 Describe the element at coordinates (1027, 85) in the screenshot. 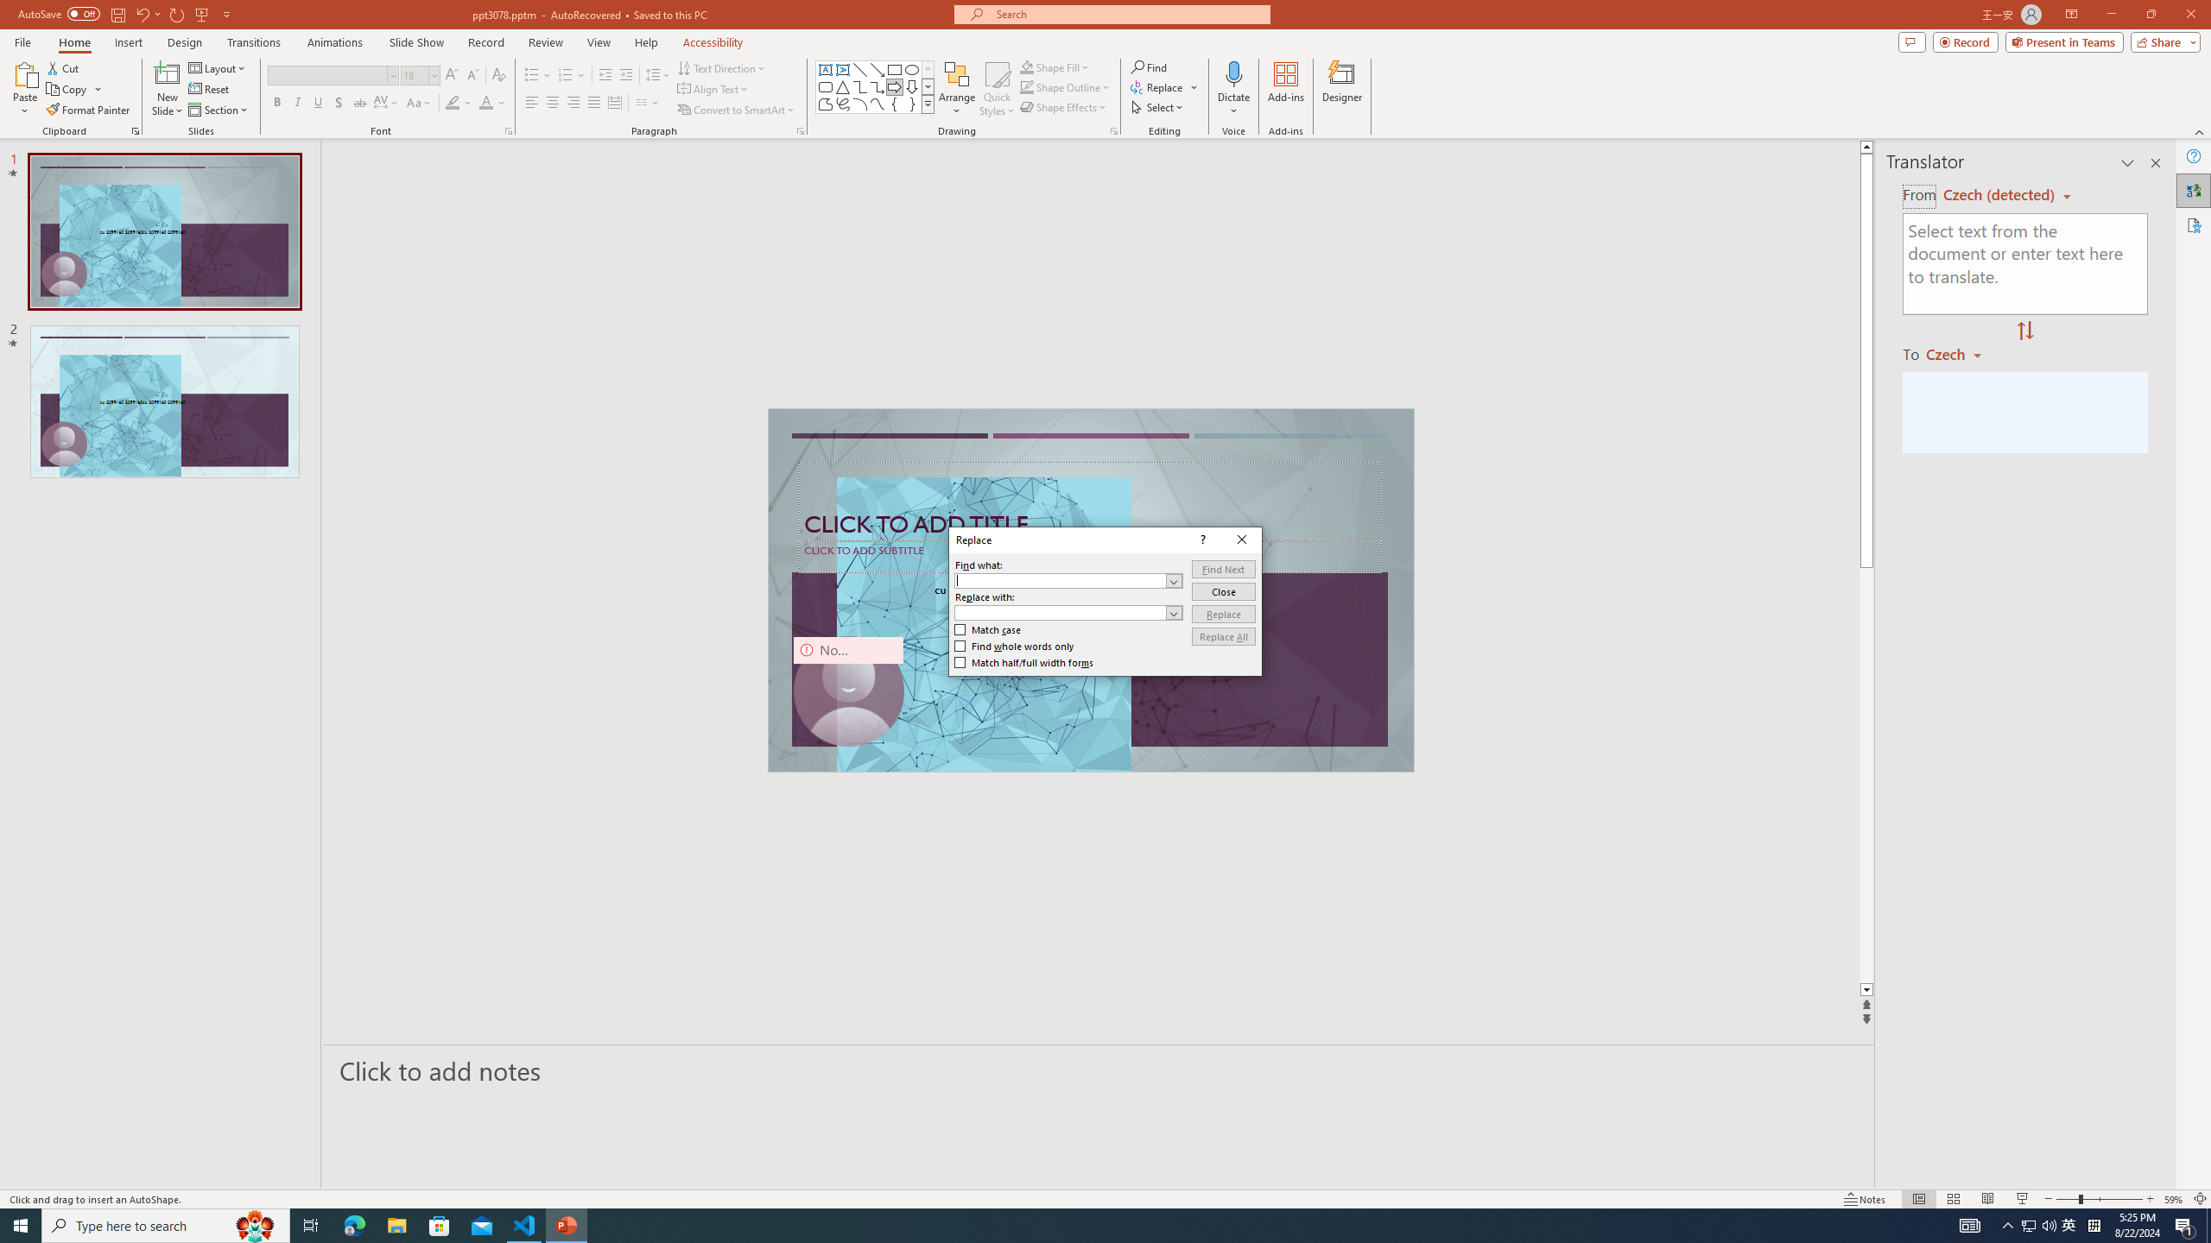

I see `'Shape Outline Green, Accent 1'` at that location.